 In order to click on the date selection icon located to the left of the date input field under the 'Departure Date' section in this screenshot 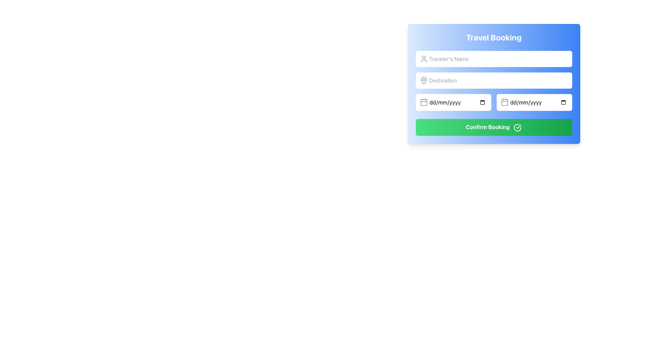, I will do `click(423, 102)`.